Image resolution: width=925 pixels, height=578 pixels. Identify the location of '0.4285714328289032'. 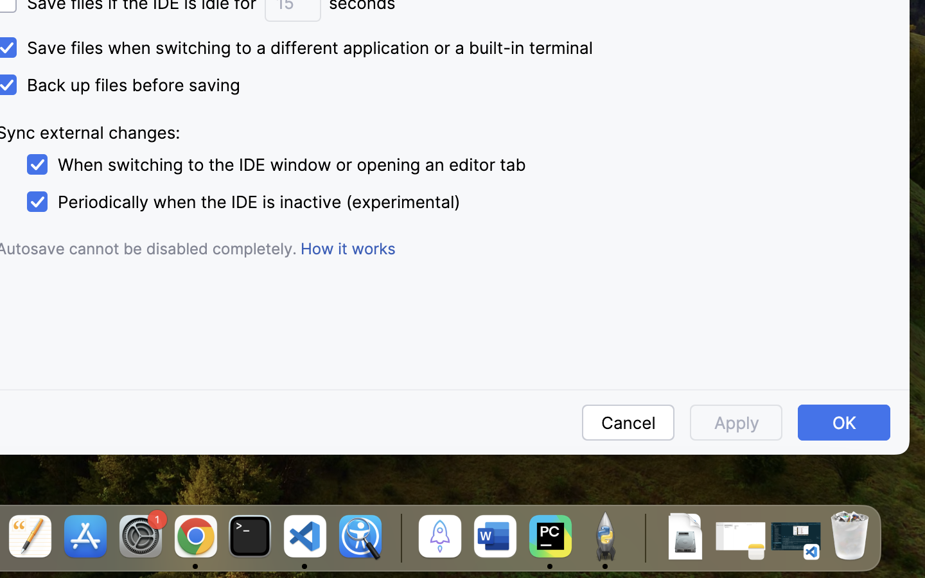
(398, 538).